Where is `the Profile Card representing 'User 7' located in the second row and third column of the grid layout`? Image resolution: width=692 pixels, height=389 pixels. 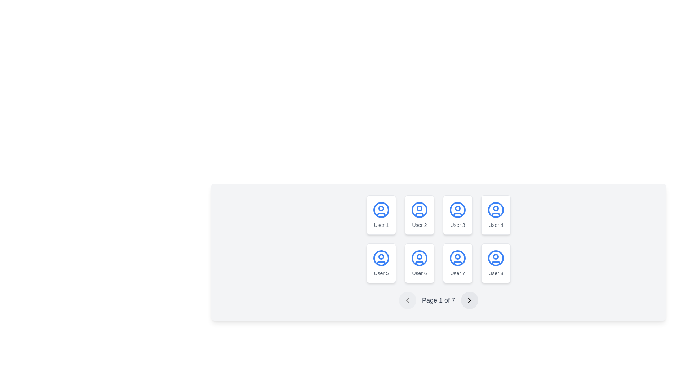 the Profile Card representing 'User 7' located in the second row and third column of the grid layout is located at coordinates (457, 263).